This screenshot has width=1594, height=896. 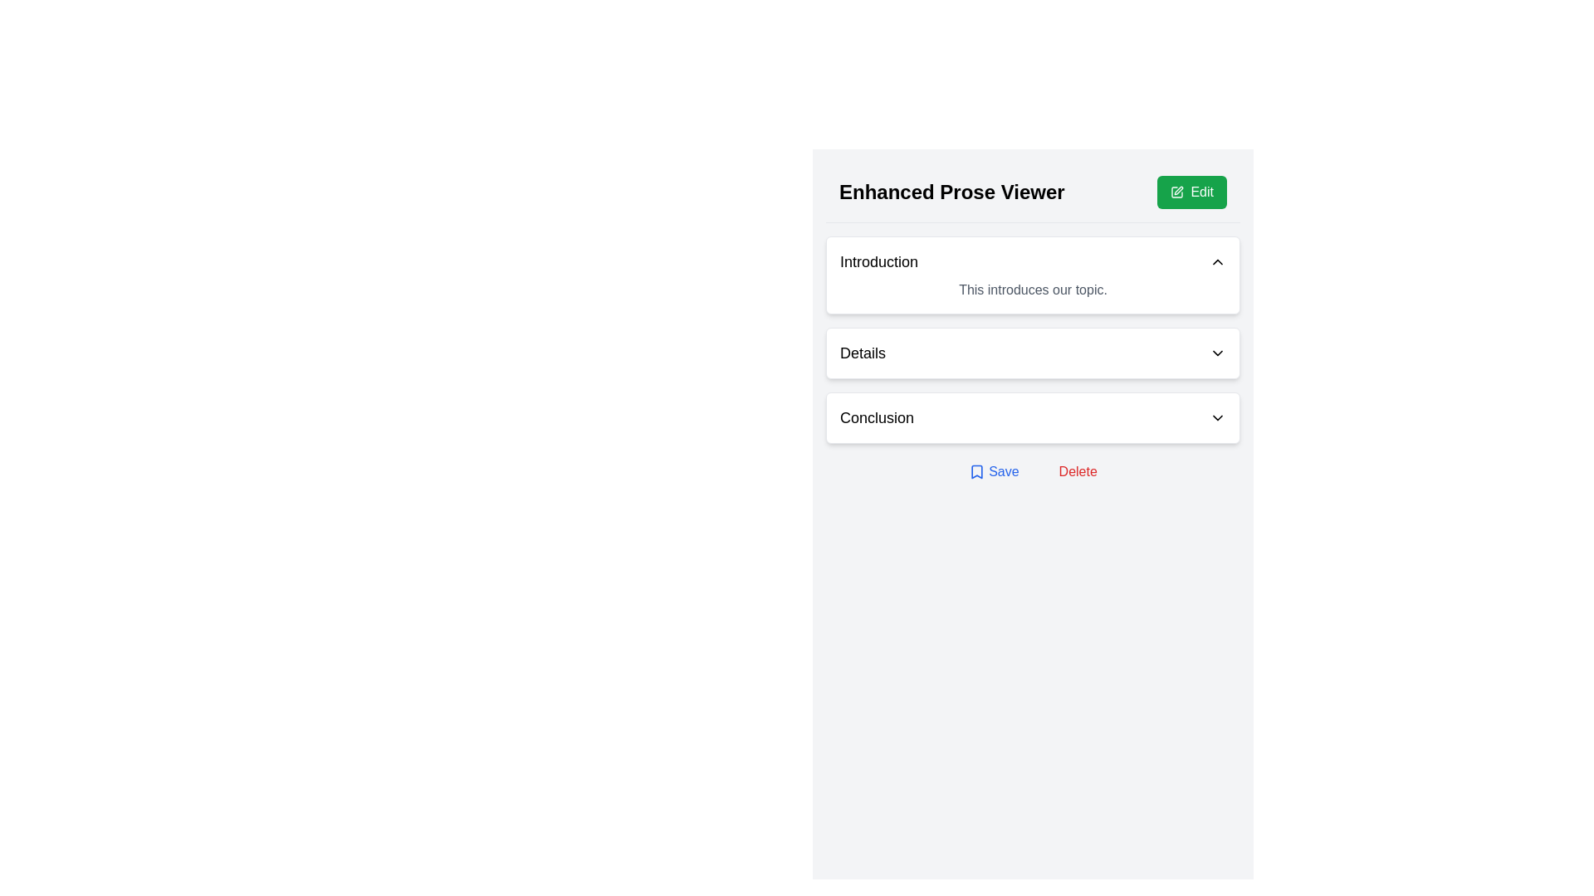 What do you see at coordinates (1032, 290) in the screenshot?
I see `text element that displays 'This introduces our topic.' located beneath the 'Introduction' header` at bounding box center [1032, 290].